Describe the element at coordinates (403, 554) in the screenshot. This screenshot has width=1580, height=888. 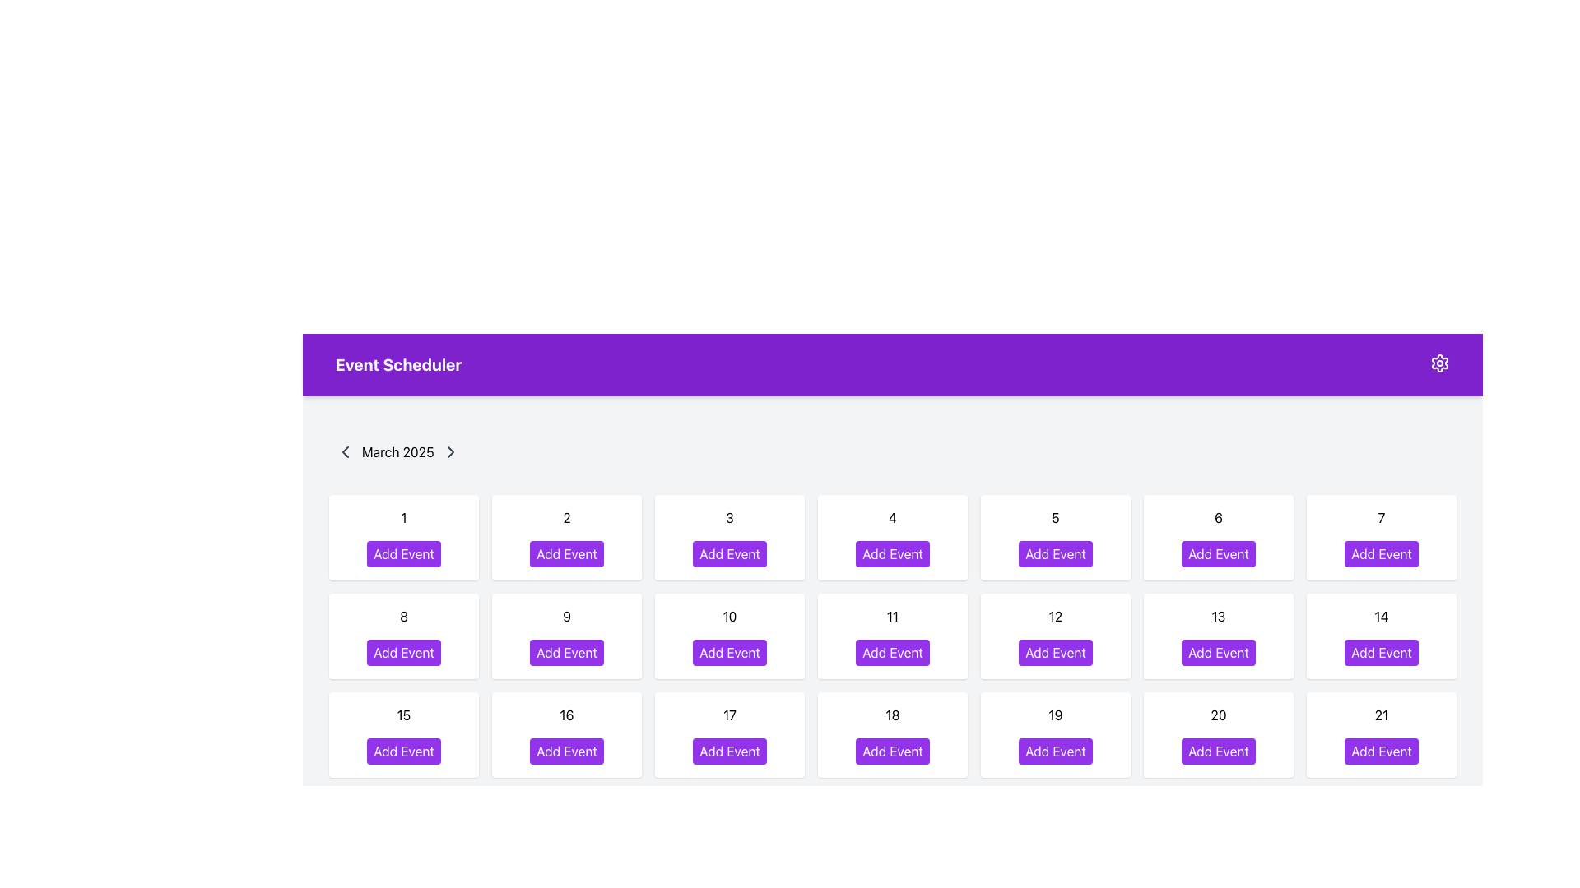
I see `the button located` at that location.